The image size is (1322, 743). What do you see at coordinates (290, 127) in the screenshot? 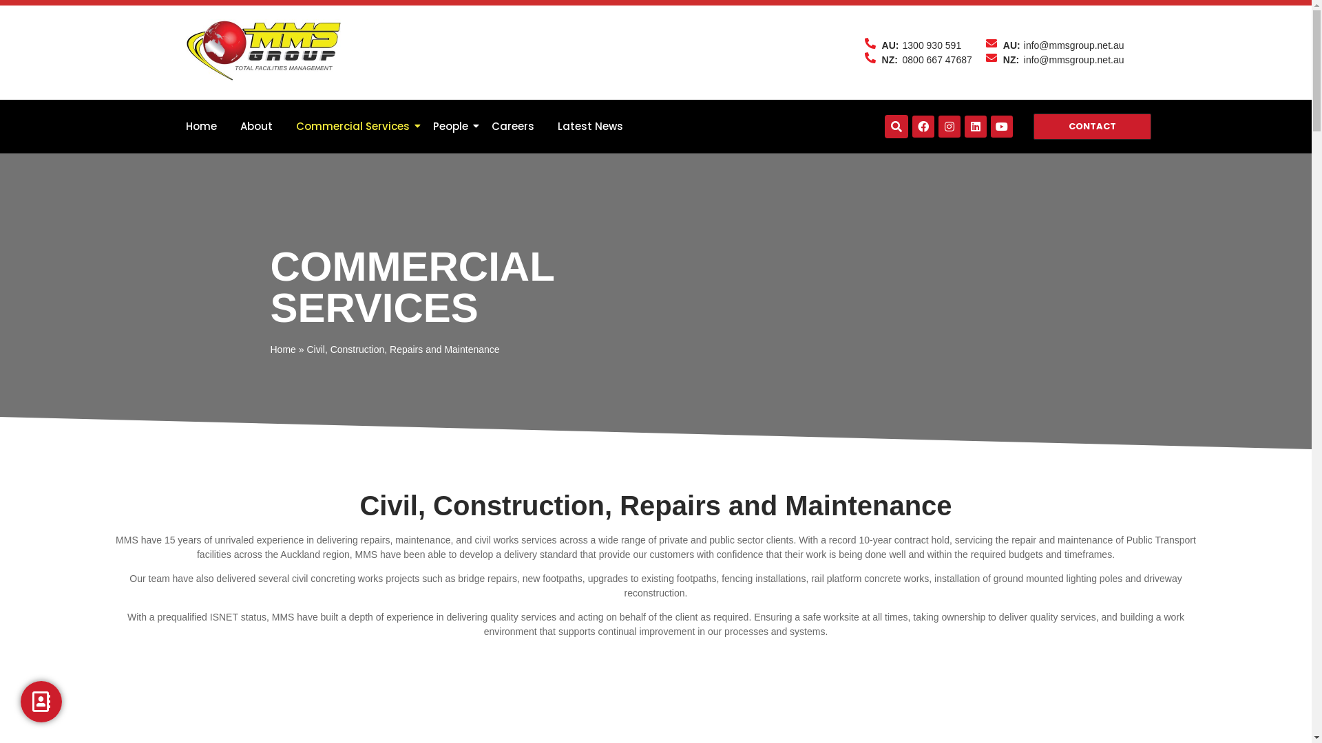
I see `'Commercial Services'` at bounding box center [290, 127].